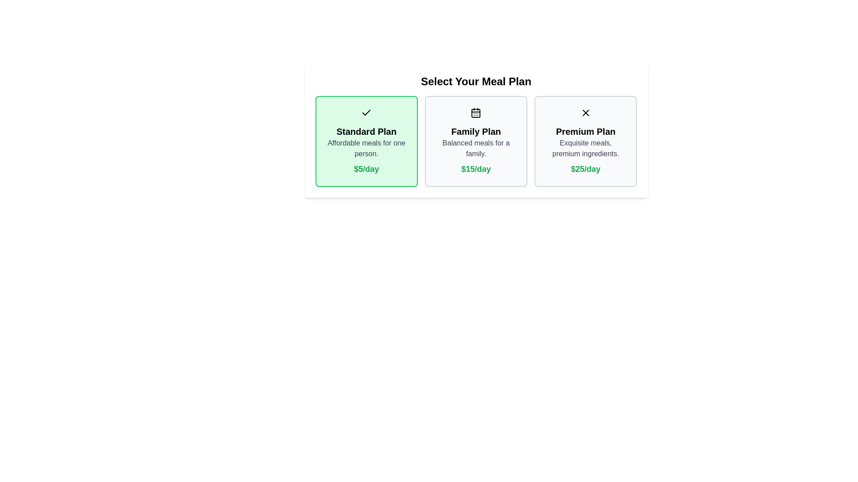 The height and width of the screenshot is (482, 858). What do you see at coordinates (585, 169) in the screenshot?
I see `the pricing information Text Label for the 'Premium Plan' located in the third card from the left, positioned directly below the description text` at bounding box center [585, 169].